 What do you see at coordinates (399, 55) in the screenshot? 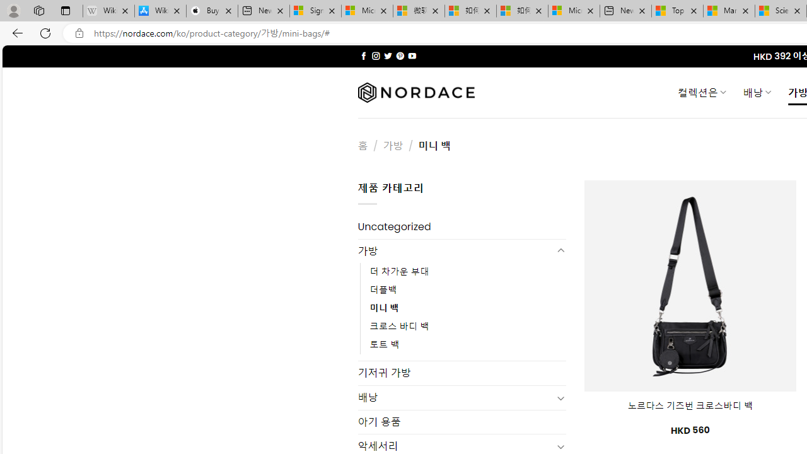
I see `'Follow on Pinterest'` at bounding box center [399, 55].